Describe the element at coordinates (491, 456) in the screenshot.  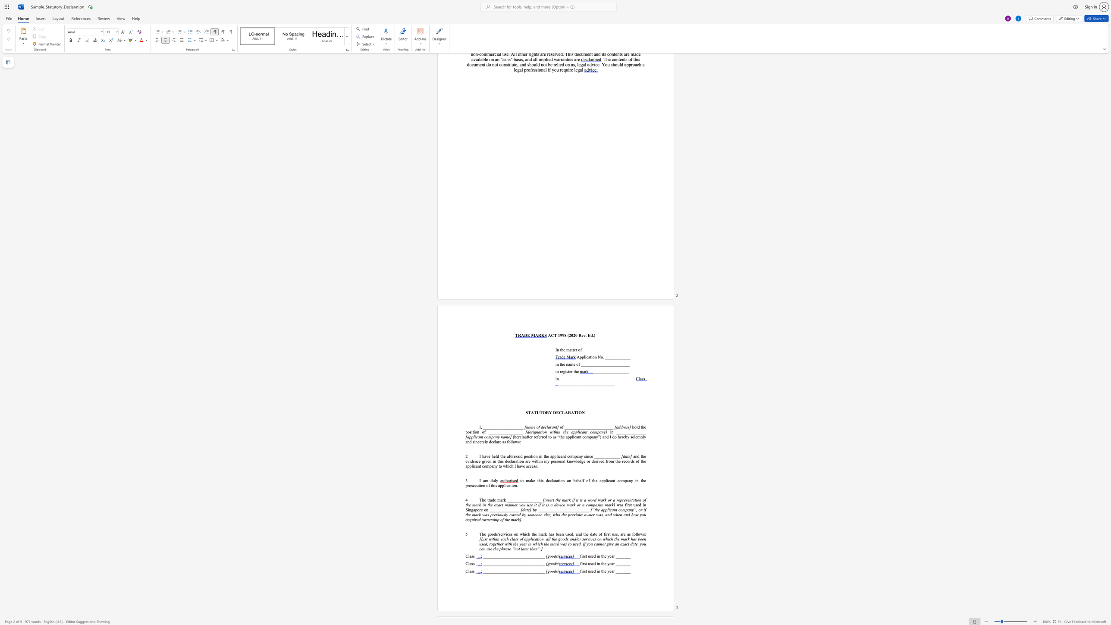
I see `the subset text "held the" within the text "I have held the"` at that location.